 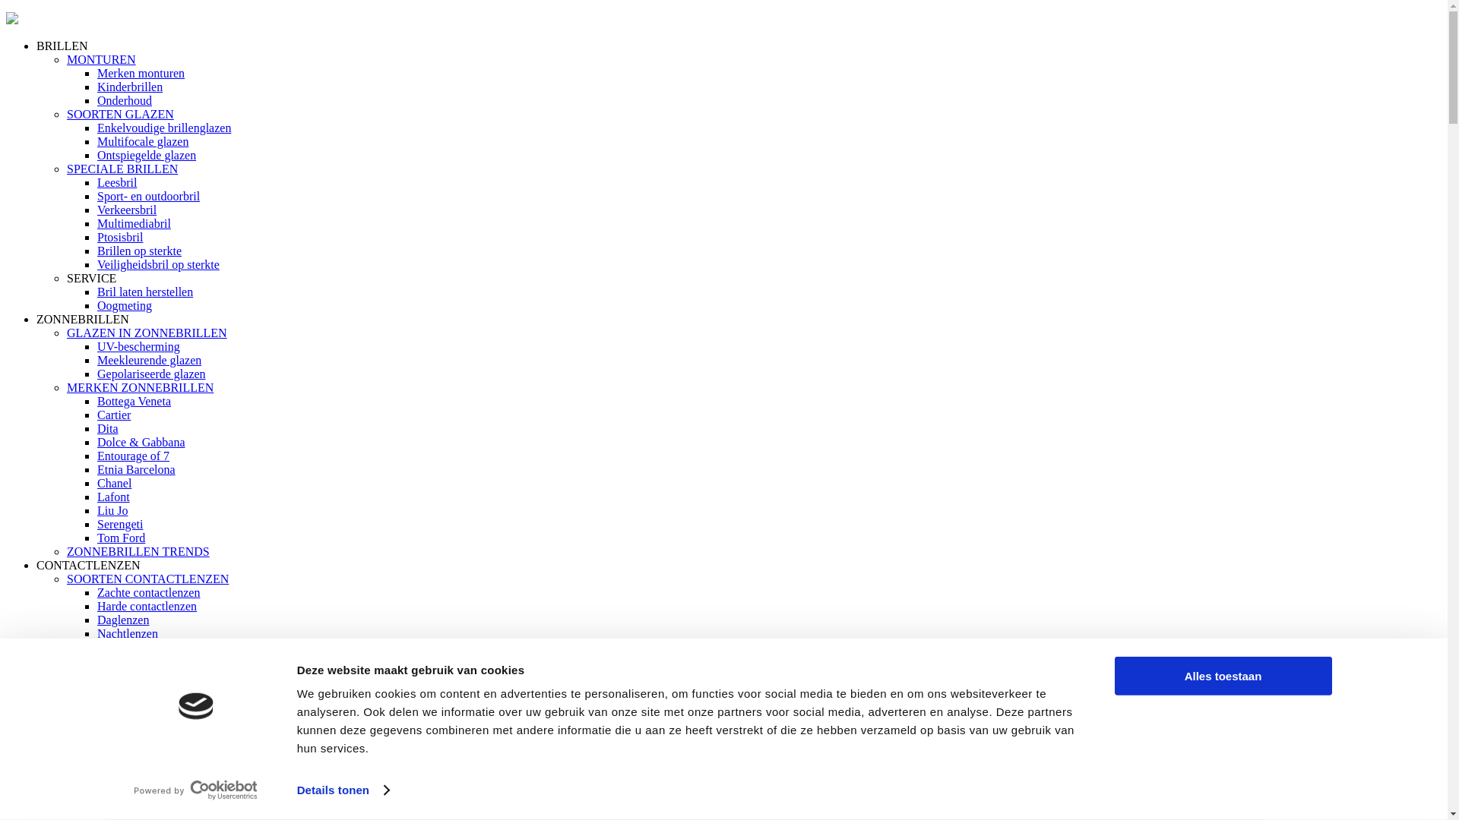 I want to click on 'SOORTEN GLAZEN', so click(x=119, y=113).